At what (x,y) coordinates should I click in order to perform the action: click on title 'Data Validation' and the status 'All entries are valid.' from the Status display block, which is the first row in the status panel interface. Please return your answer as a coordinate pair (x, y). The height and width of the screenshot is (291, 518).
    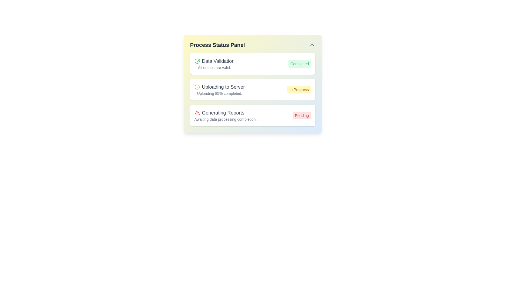
    Looking at the image, I should click on (252, 63).